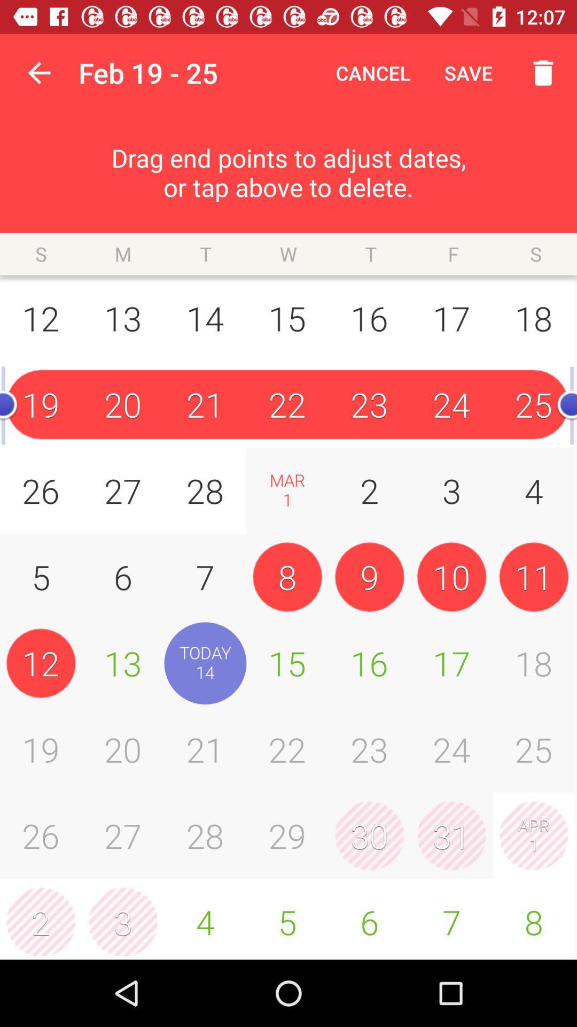 The image size is (577, 1027). Describe the element at coordinates (38, 72) in the screenshot. I see `the icon next to the edit period item` at that location.